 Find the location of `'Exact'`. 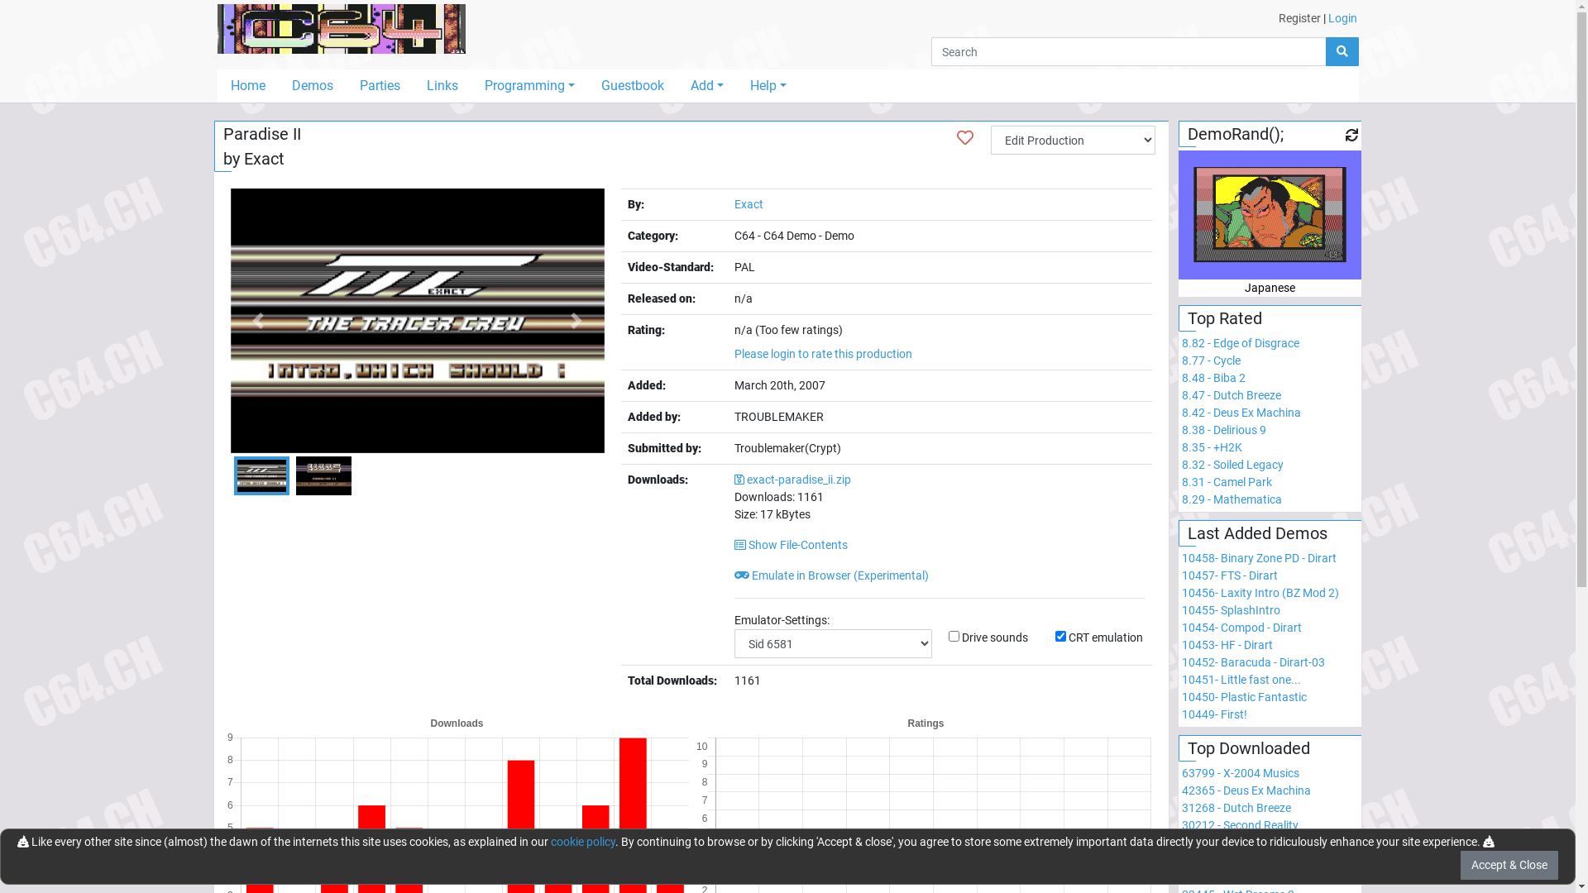

'Exact' is located at coordinates (748, 203).